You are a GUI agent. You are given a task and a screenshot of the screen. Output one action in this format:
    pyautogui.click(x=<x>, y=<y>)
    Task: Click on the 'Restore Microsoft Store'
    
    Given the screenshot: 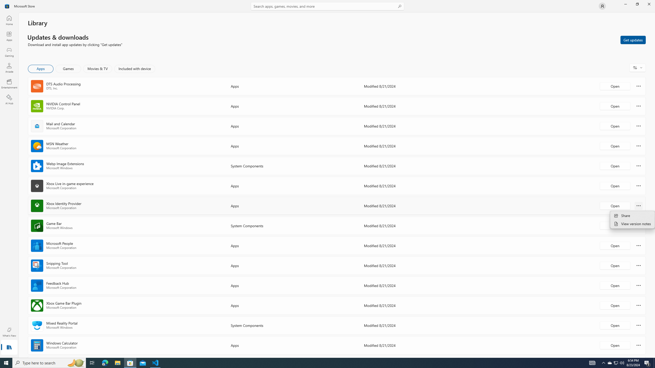 What is the action you would take?
    pyautogui.click(x=637, y=4)
    